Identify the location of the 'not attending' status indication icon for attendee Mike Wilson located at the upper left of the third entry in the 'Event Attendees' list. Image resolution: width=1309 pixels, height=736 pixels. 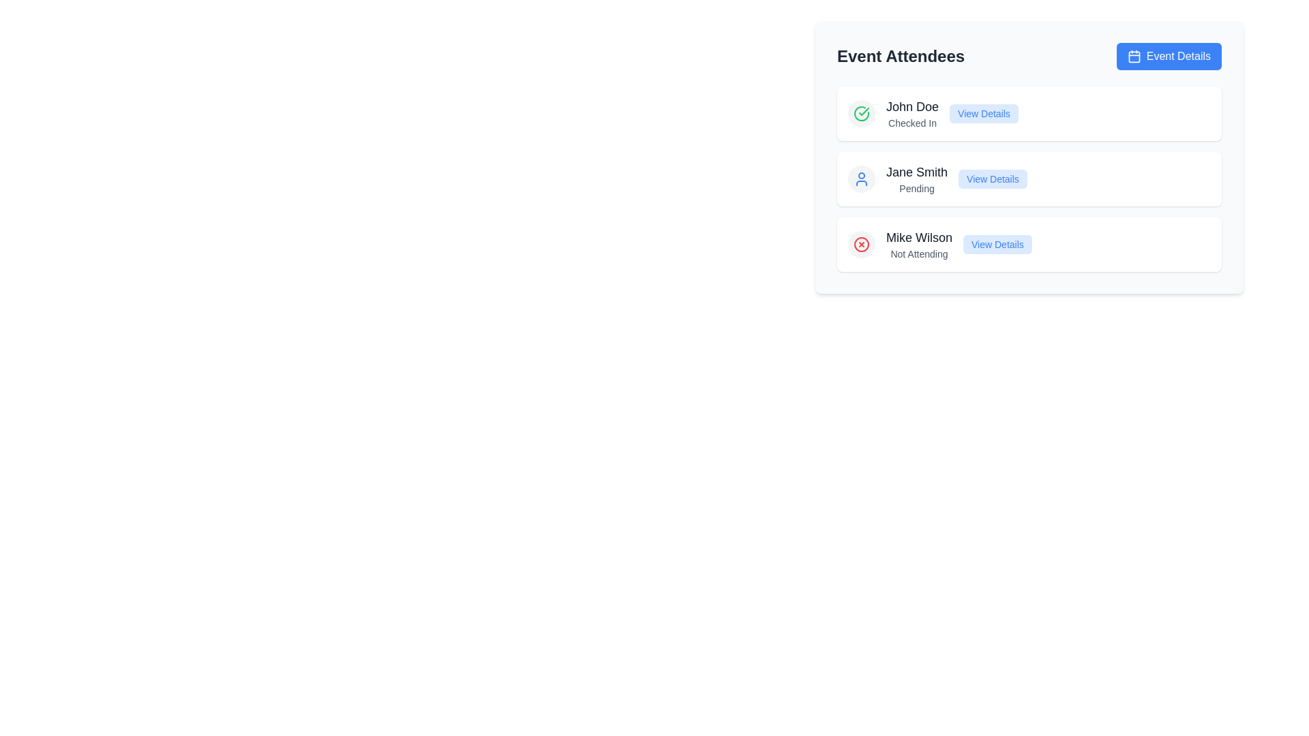
(860, 243).